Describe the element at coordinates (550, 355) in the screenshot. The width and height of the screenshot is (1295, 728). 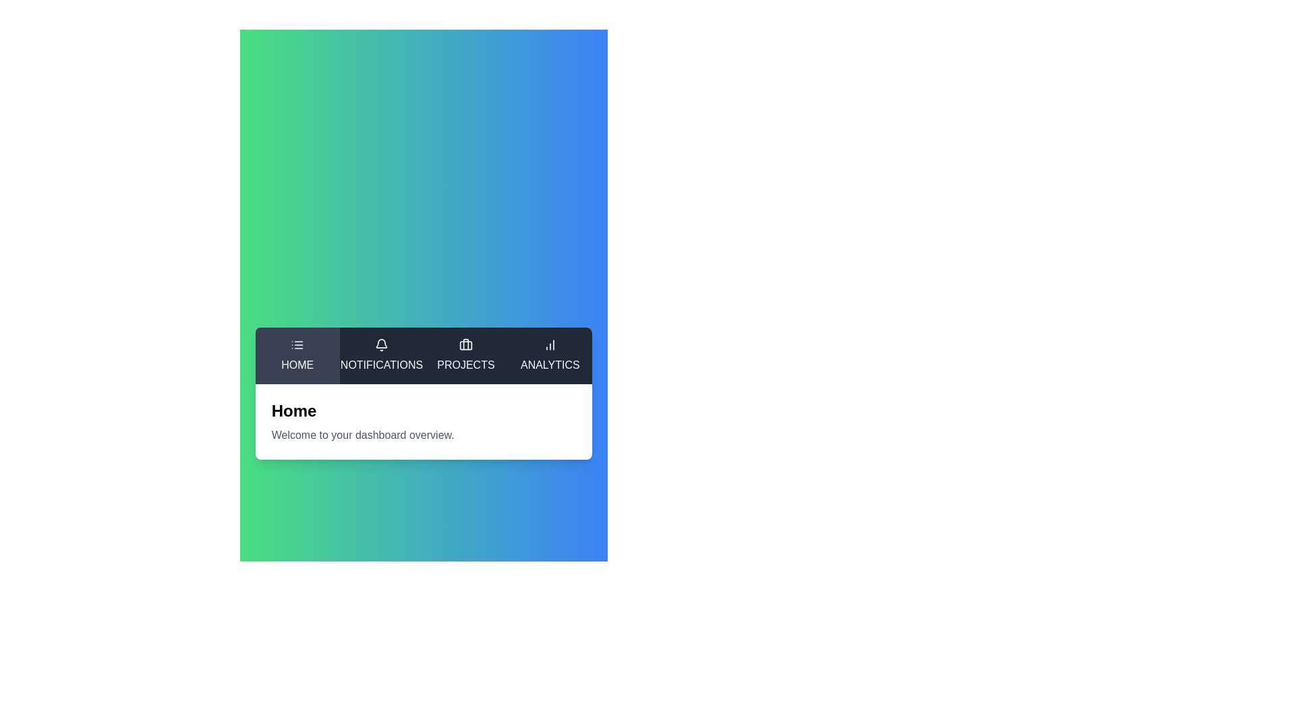
I see `the tab labeled Analytics to switch to it` at that location.